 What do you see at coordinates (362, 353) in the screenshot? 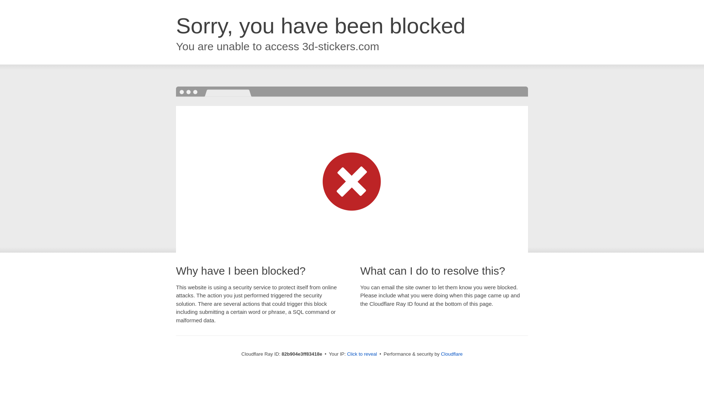
I see `'Click to reveal'` at bounding box center [362, 353].